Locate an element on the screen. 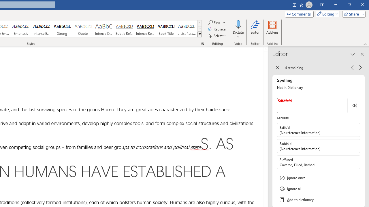  'Intense Emphasis' is located at coordinates (41, 29).